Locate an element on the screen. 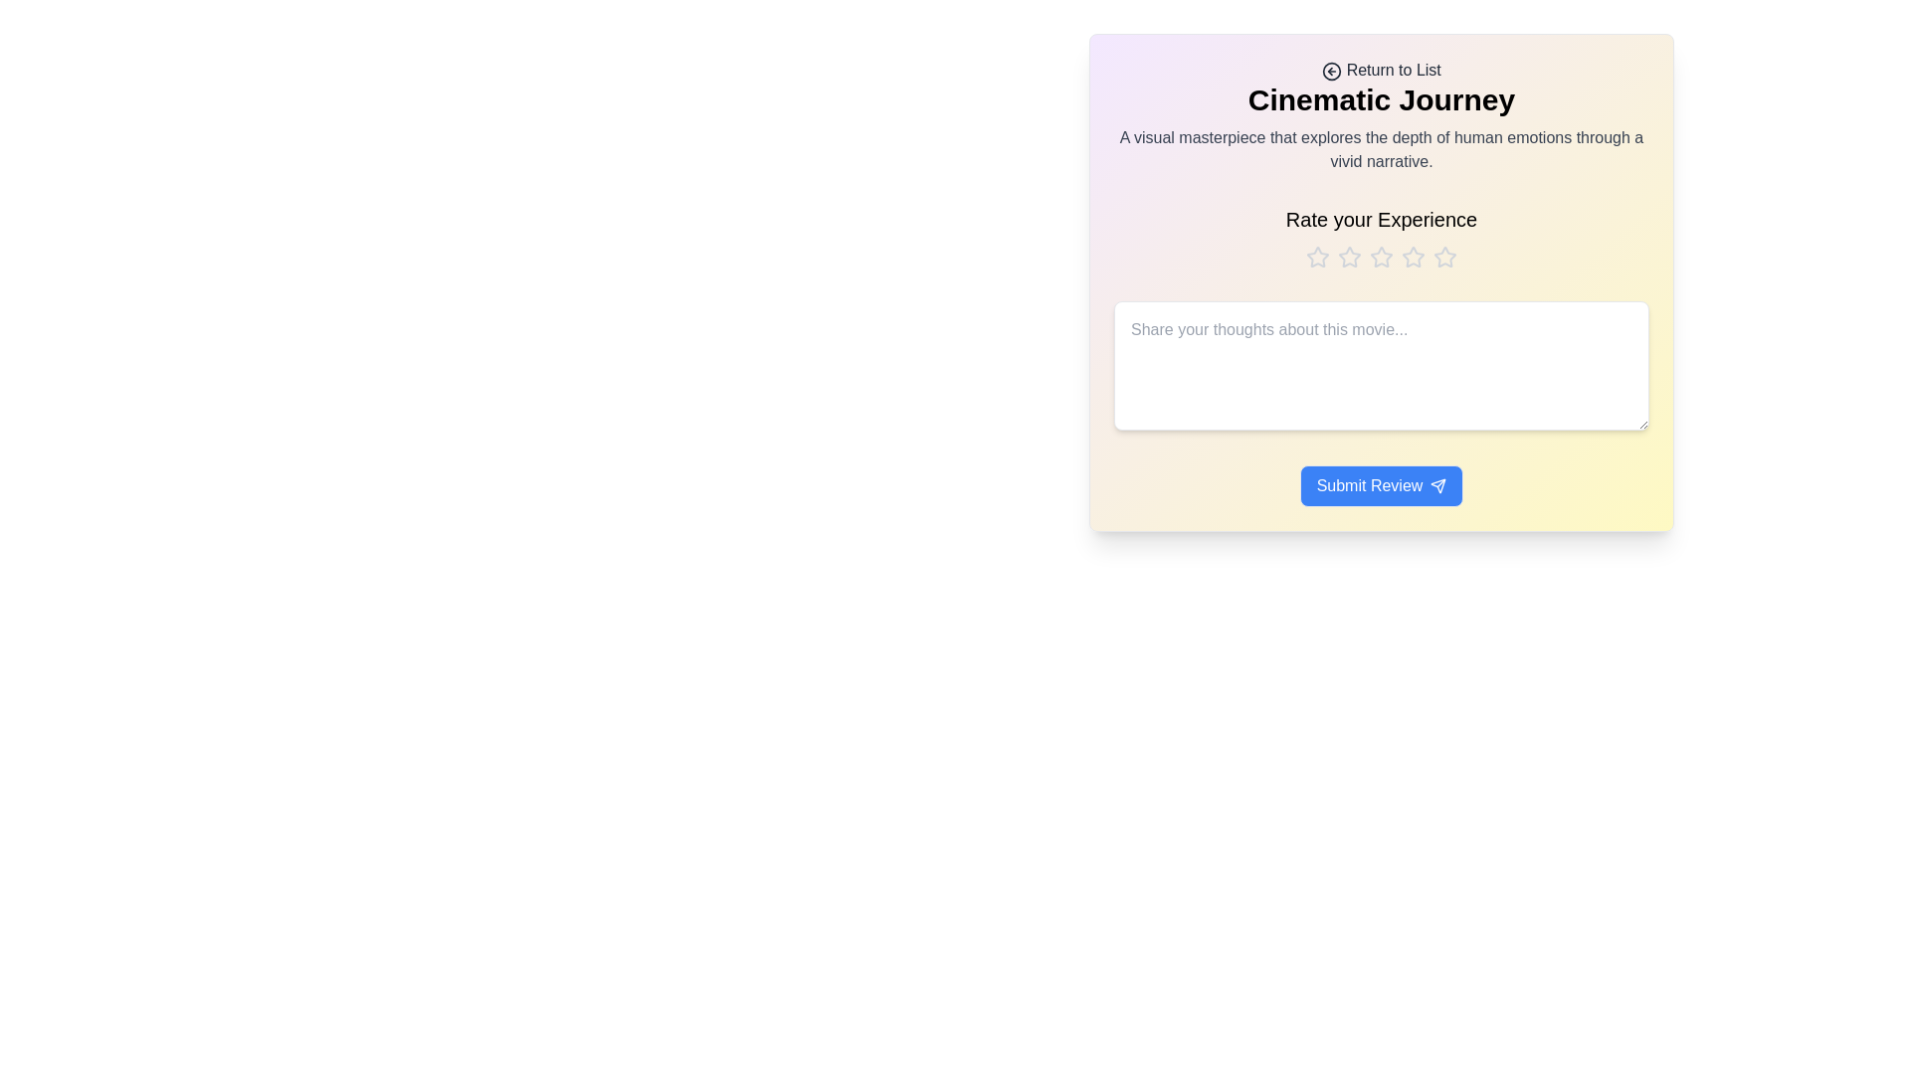 Image resolution: width=1910 pixels, height=1074 pixels. the third star icon in the rating indicator is located at coordinates (1380, 256).